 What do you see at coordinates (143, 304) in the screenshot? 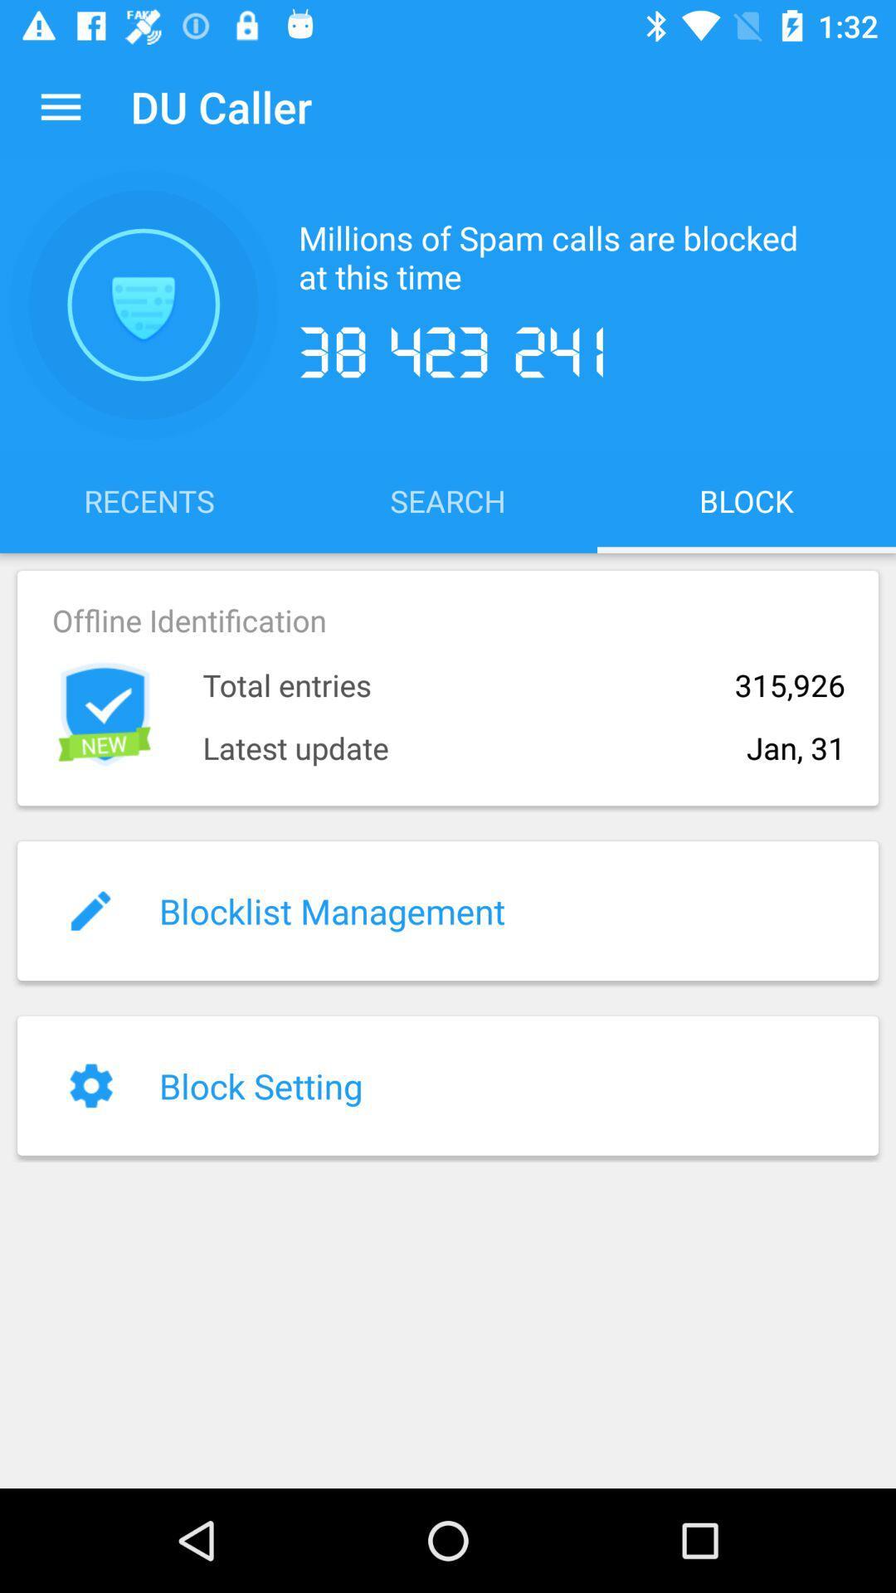
I see `item next to the millions of spam item` at bounding box center [143, 304].